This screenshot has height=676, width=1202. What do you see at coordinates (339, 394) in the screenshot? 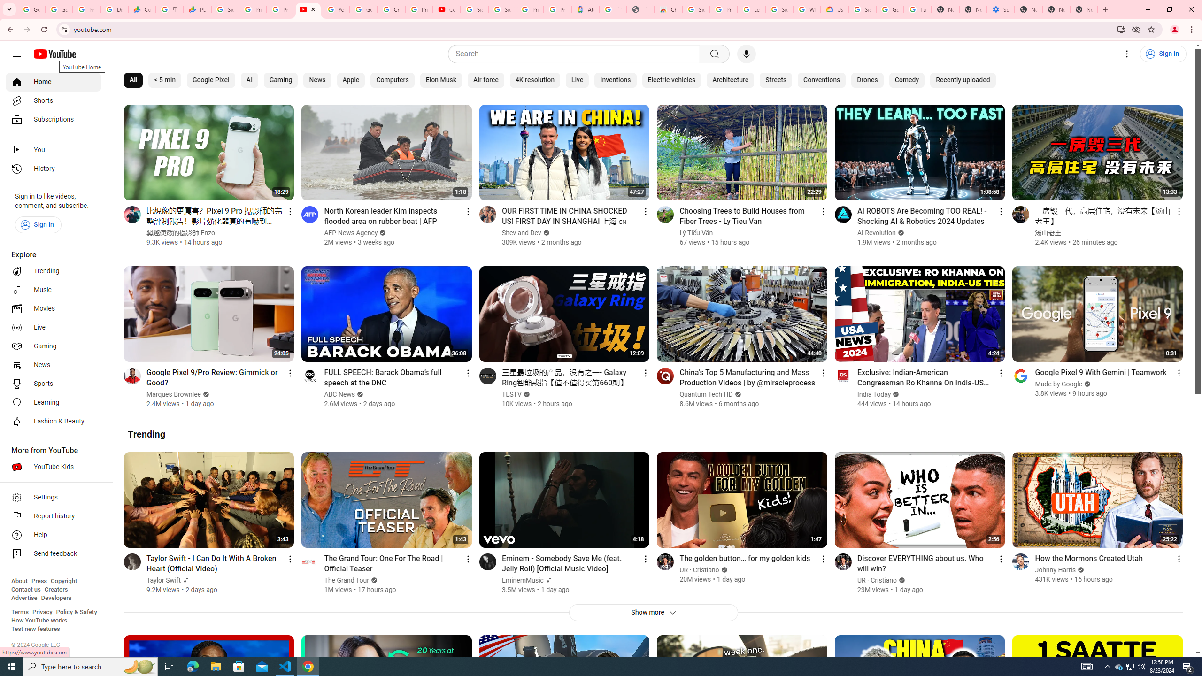
I see `'ABC News'` at bounding box center [339, 394].